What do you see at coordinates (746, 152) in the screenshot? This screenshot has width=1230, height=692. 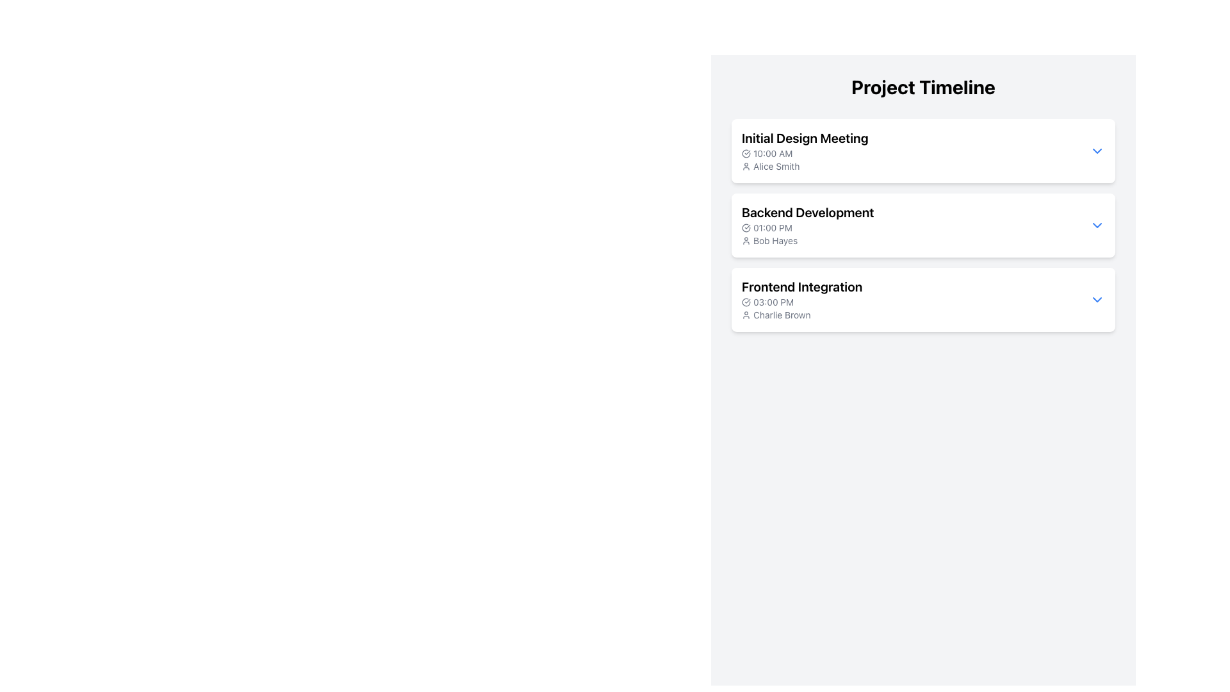 I see `the checkmark SVG icon located next to the text '10:00 AM' in the first entry of the timeline list titled 'Initial Design Meeting'` at bounding box center [746, 152].